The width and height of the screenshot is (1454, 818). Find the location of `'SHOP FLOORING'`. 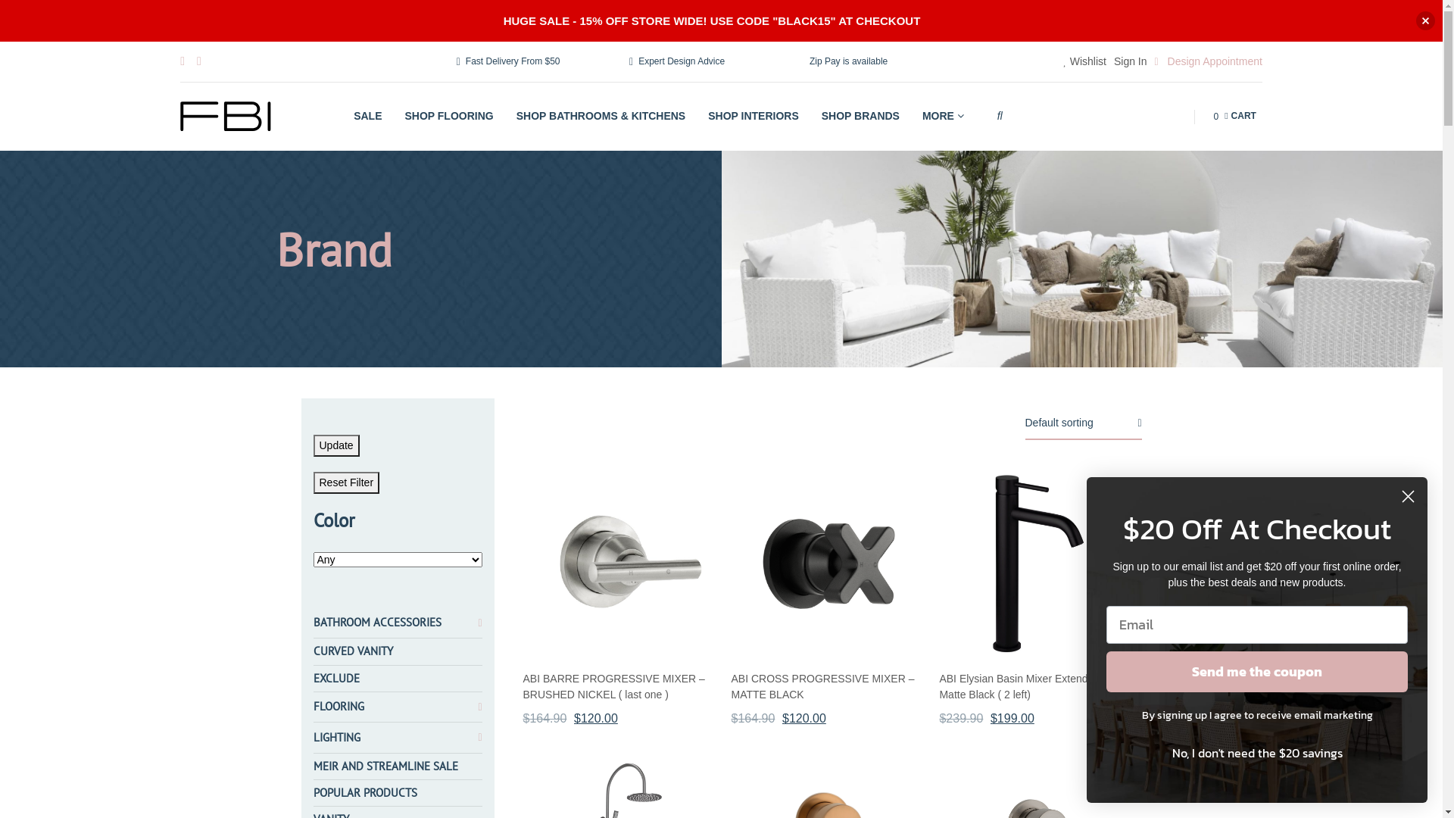

'SHOP FLOORING' is located at coordinates (448, 116).